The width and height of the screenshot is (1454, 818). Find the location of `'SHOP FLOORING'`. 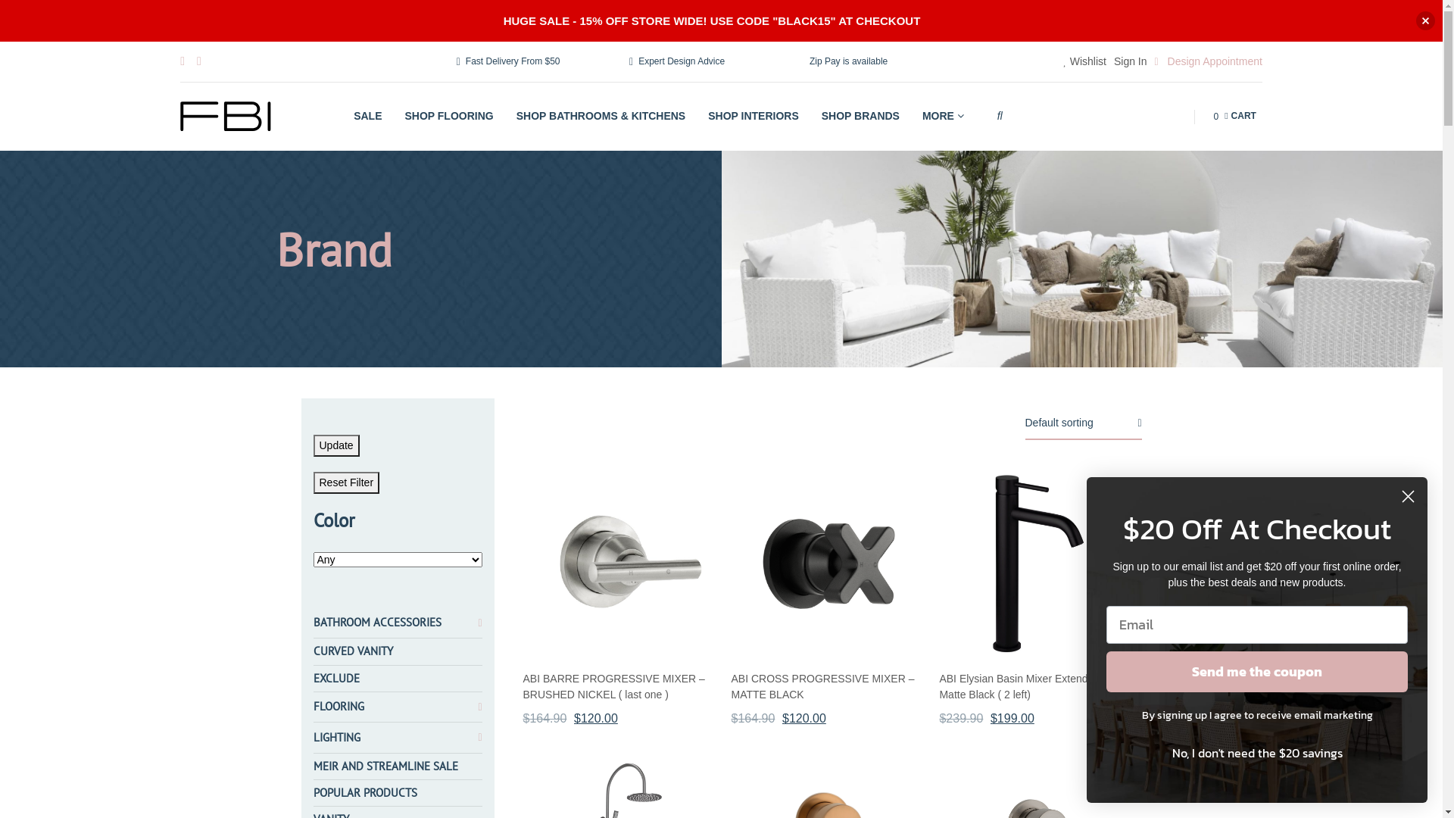

'SHOP FLOORING' is located at coordinates (448, 116).